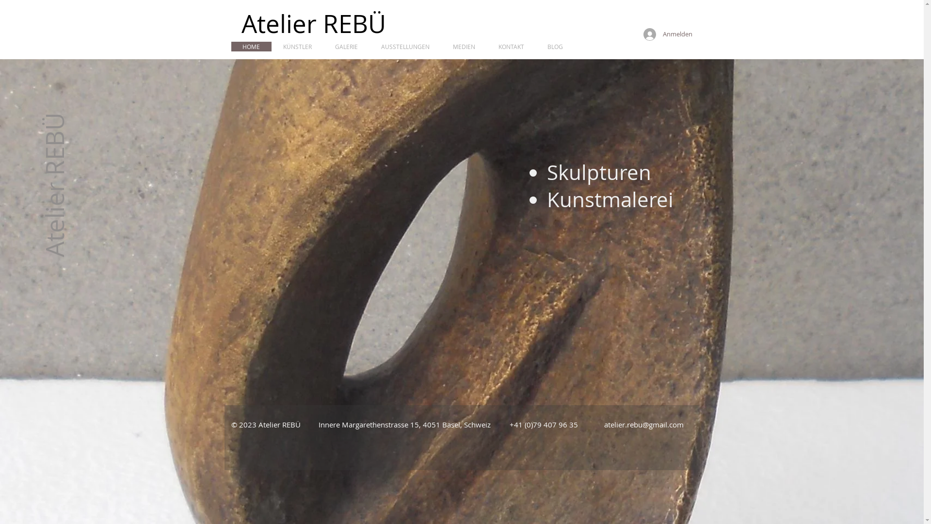  What do you see at coordinates (604, 424) in the screenshot?
I see `'atelier.rebu@gmail.com'` at bounding box center [604, 424].